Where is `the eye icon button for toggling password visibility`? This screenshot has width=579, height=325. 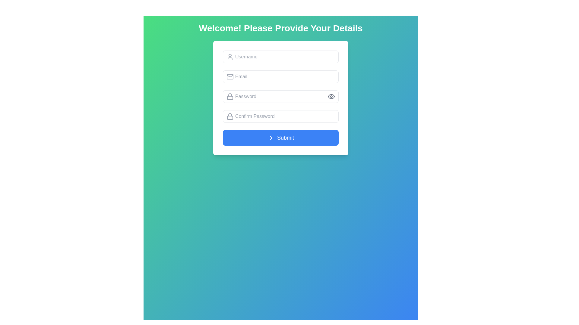
the eye icon button for toggling password visibility is located at coordinates (331, 96).